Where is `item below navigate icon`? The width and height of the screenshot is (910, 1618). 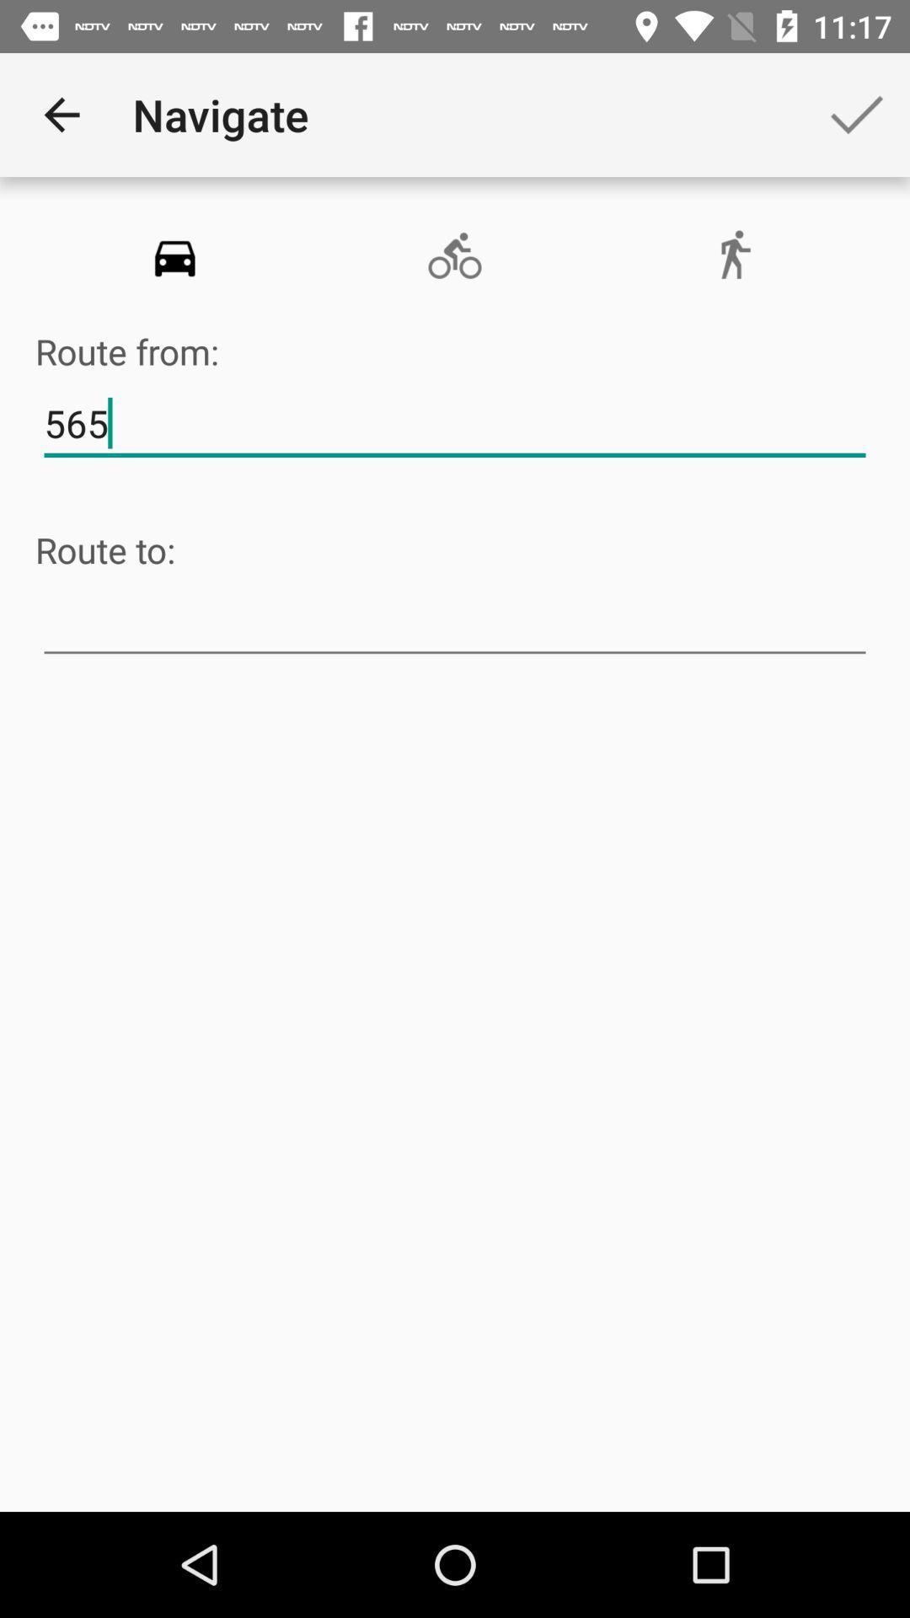 item below navigate icon is located at coordinates (453, 255).